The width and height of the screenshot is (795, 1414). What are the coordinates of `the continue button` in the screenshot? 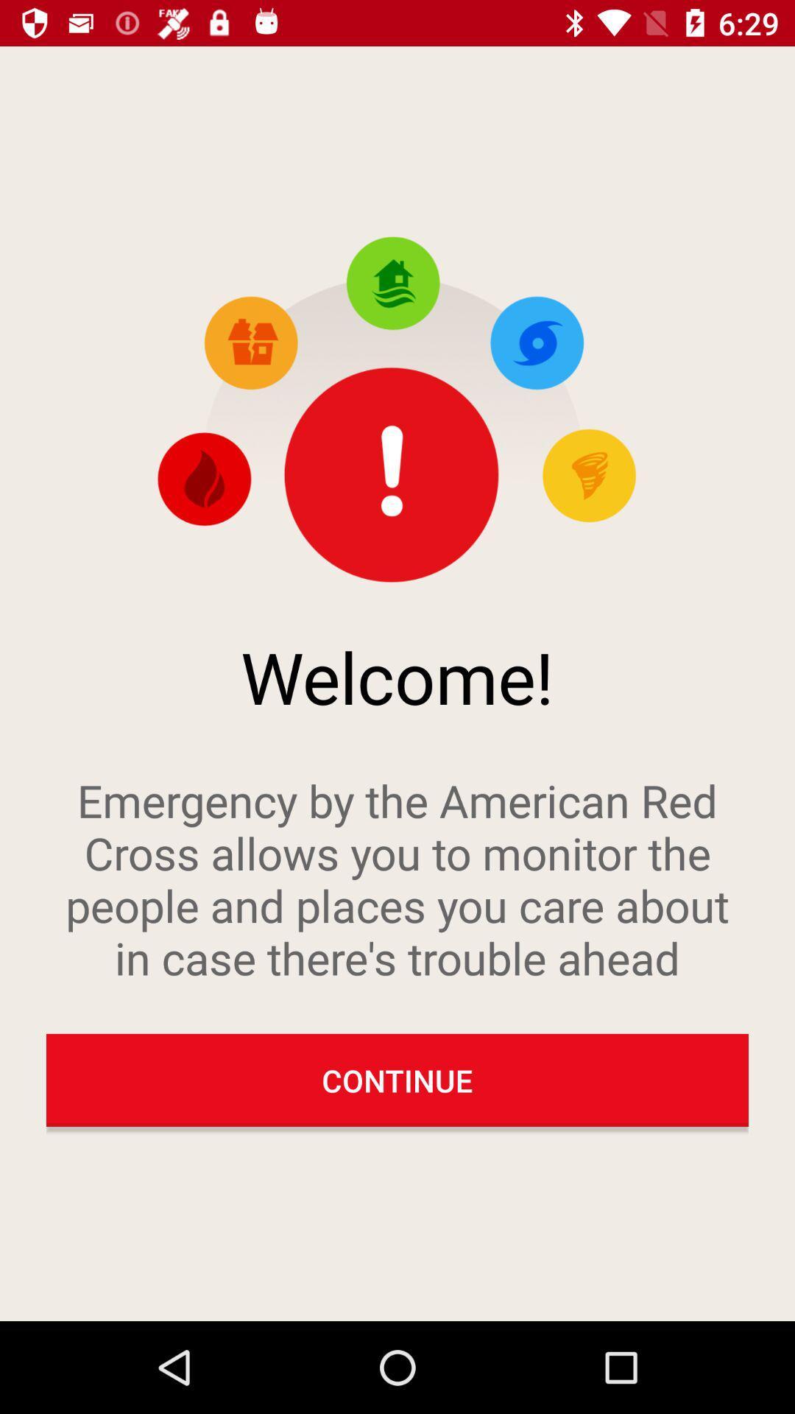 It's located at (397, 1080).